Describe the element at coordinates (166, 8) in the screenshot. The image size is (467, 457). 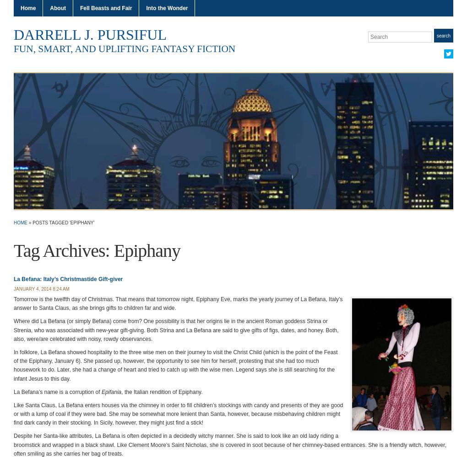
I see `'Into the Wonder'` at that location.